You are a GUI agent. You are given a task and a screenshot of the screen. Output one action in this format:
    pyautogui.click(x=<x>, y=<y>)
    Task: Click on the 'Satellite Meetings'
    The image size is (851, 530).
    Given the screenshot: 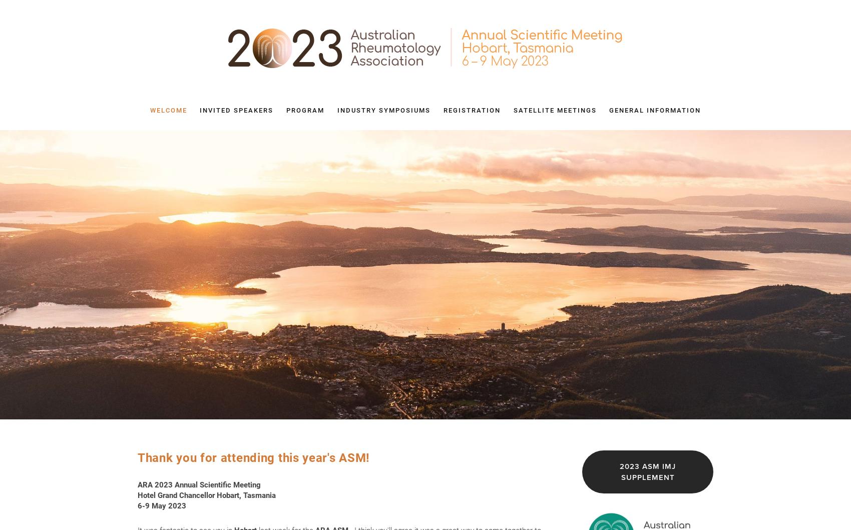 What is the action you would take?
    pyautogui.click(x=555, y=110)
    